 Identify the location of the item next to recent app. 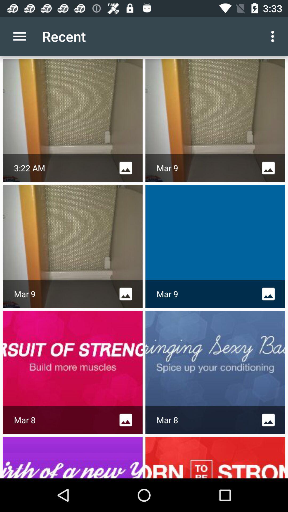
(19, 36).